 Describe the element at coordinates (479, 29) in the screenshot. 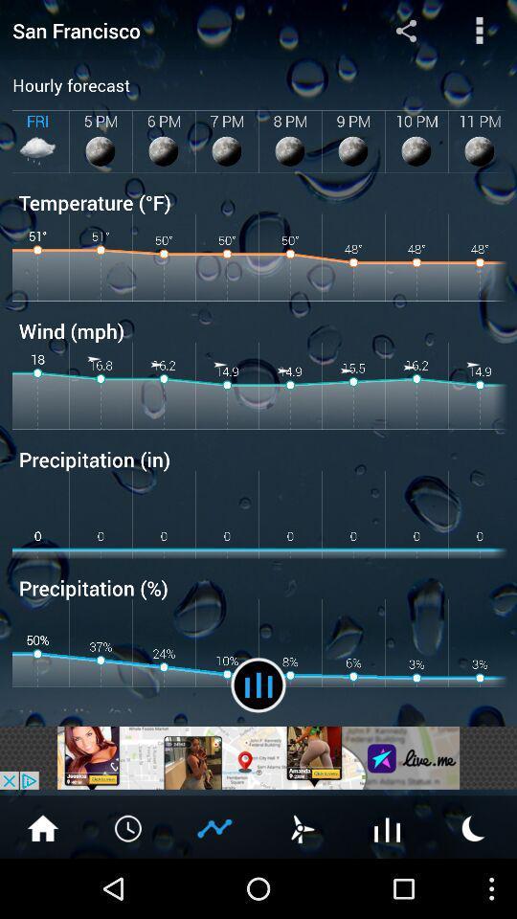

I see `more options` at that location.